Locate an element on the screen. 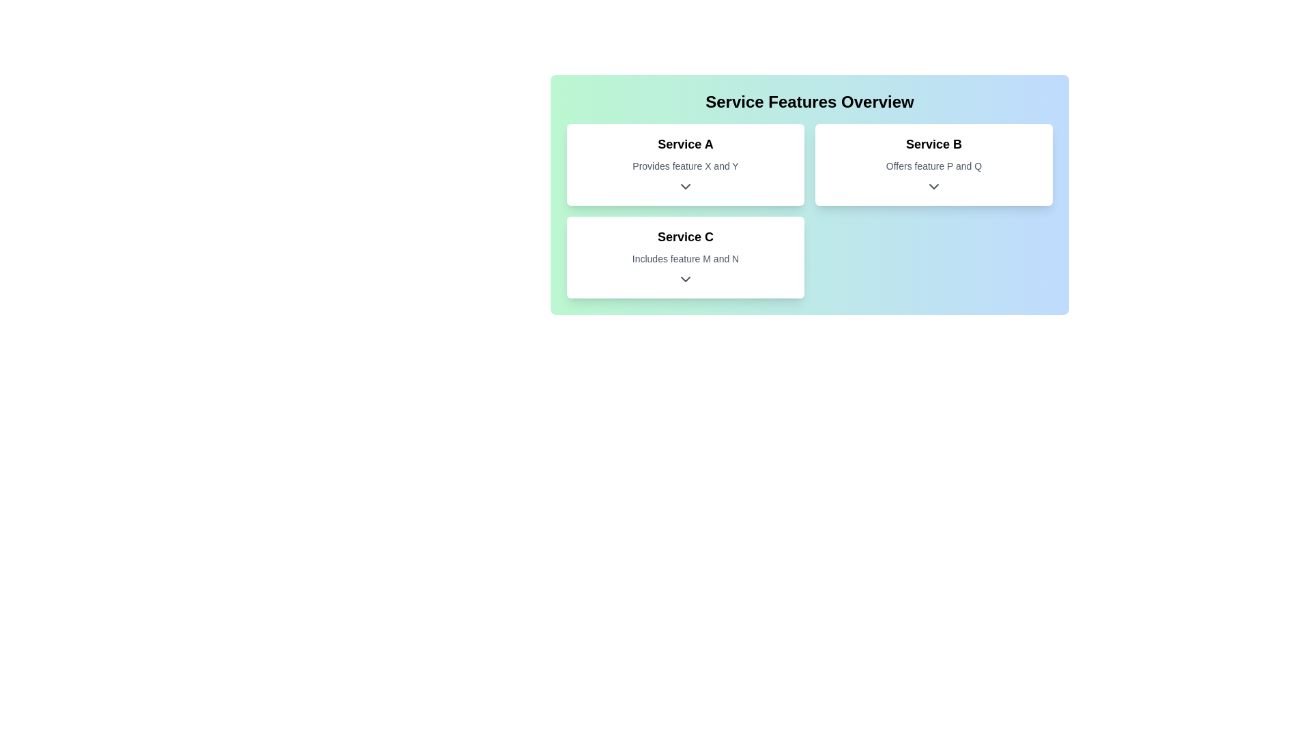  the header text label that identifies the card as 'Service C', which is positioned at the bottom center of a grid containing three cards is located at coordinates (685, 236).